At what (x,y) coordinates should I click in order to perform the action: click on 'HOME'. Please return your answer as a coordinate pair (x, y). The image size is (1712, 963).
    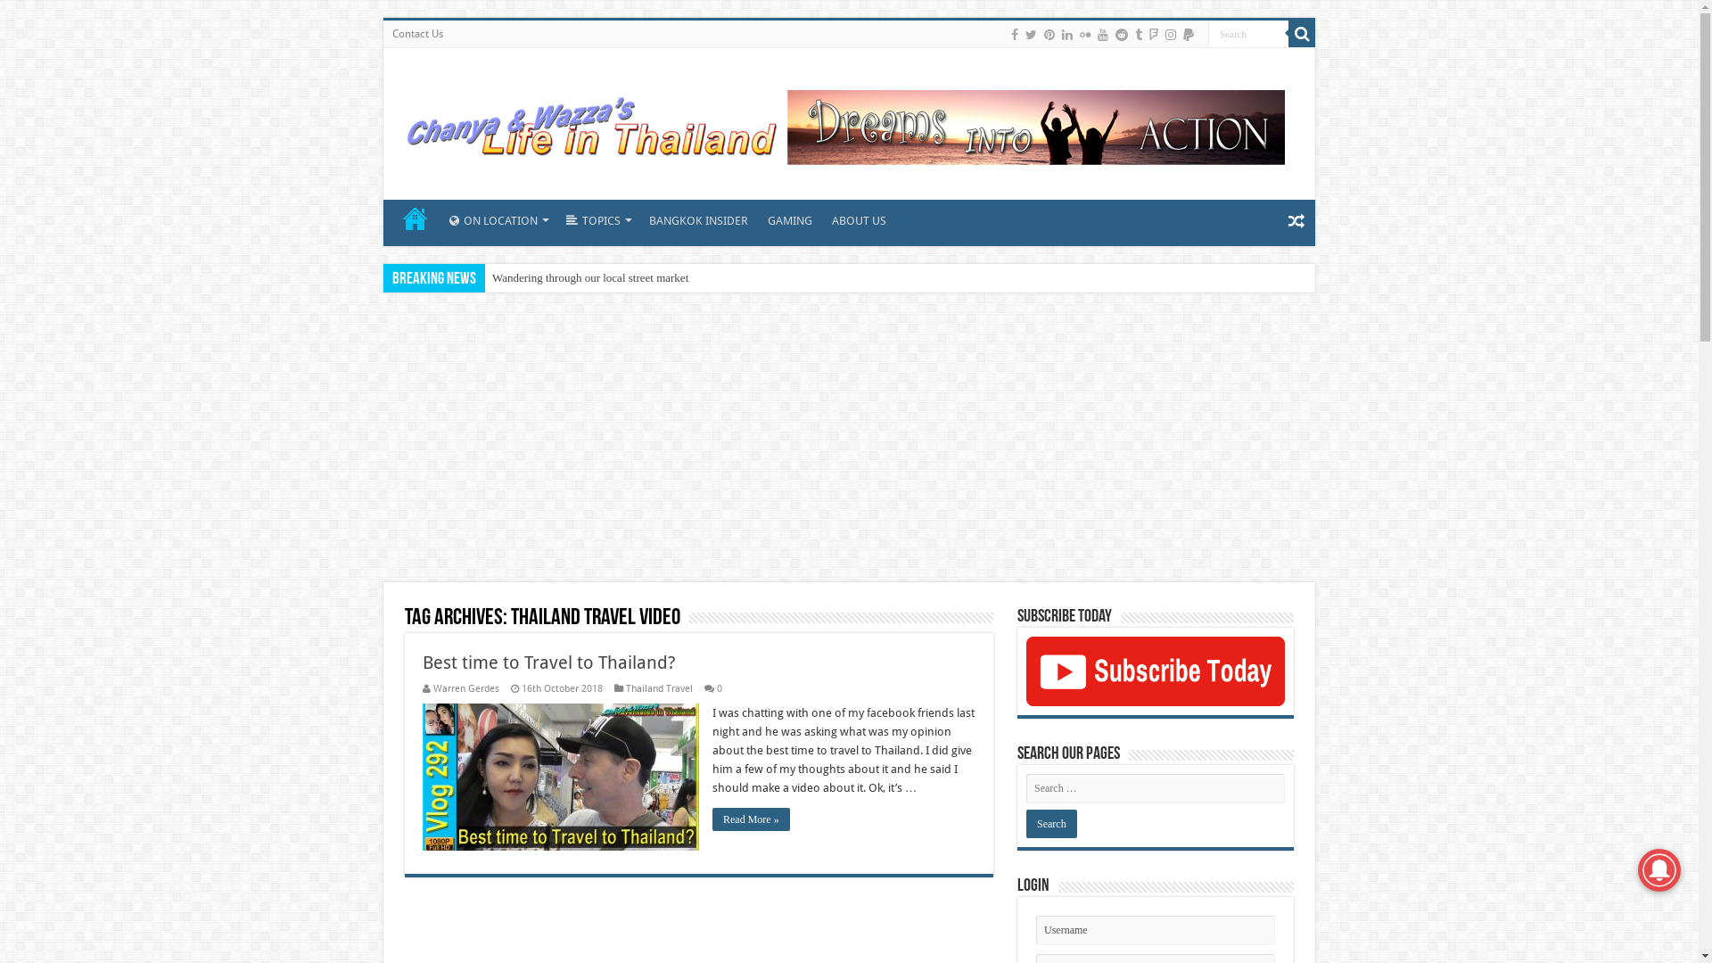
    Looking at the image, I should click on (414, 218).